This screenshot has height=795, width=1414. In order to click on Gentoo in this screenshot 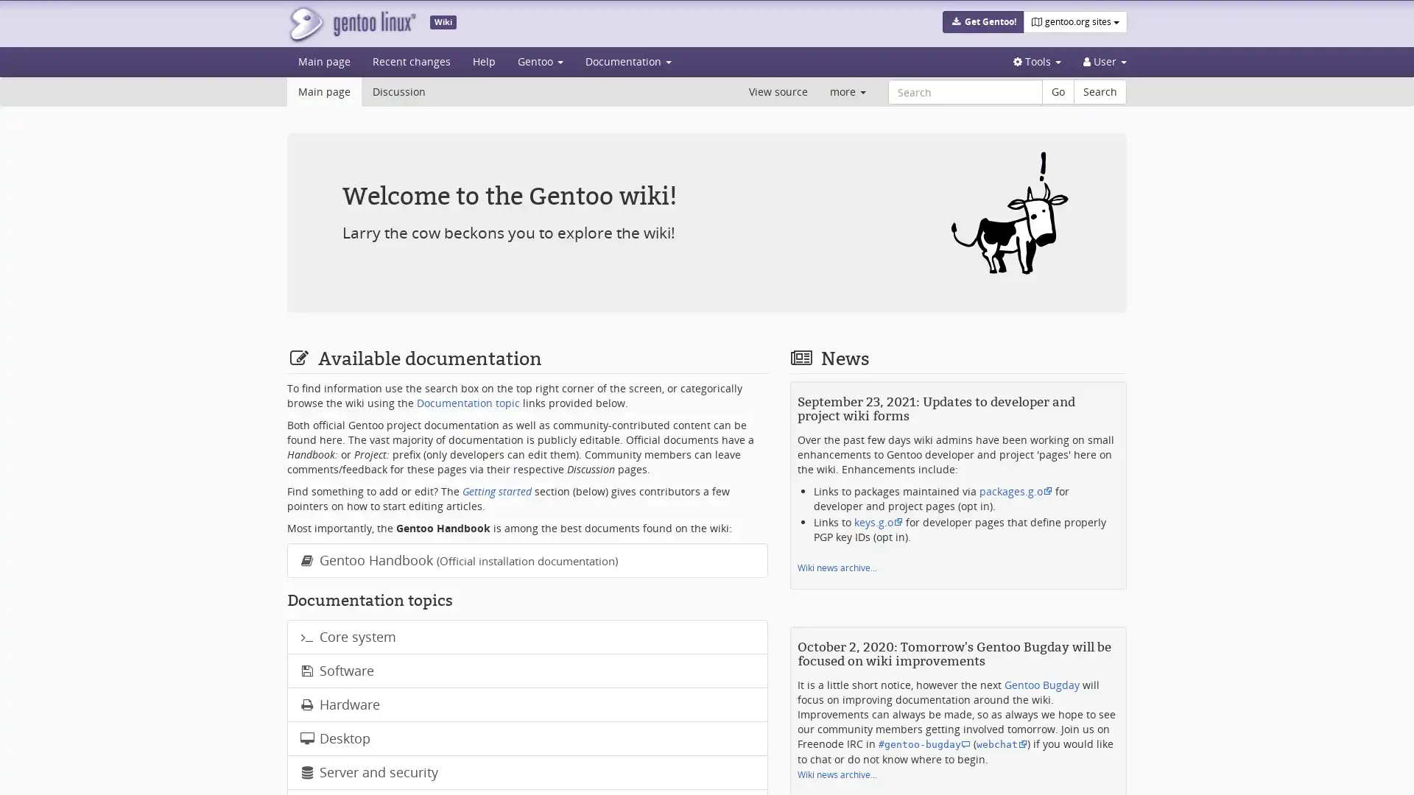, I will do `click(540, 61)`.